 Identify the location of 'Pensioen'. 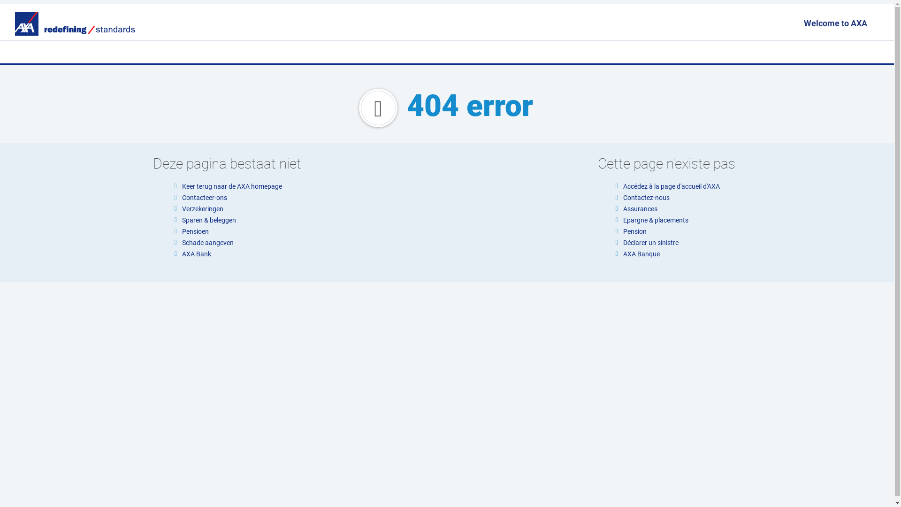
(182, 231).